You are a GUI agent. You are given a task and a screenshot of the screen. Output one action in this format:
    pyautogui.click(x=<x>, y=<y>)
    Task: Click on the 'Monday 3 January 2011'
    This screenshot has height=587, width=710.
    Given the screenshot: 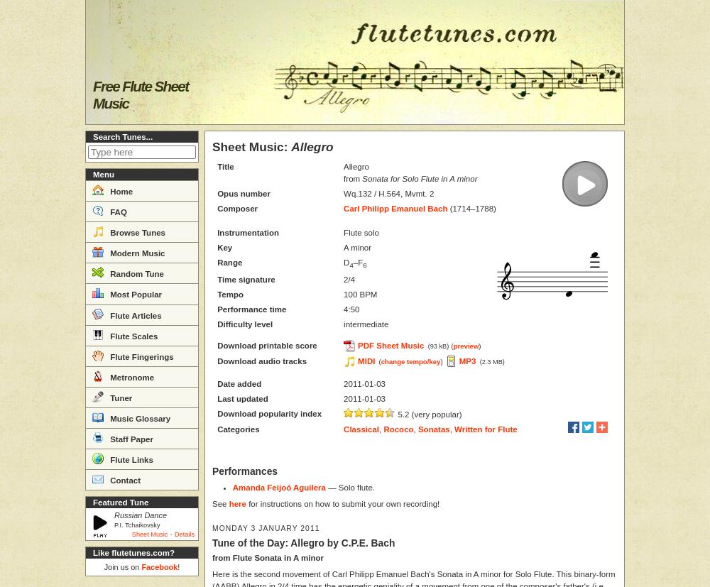 What is the action you would take?
    pyautogui.click(x=212, y=527)
    